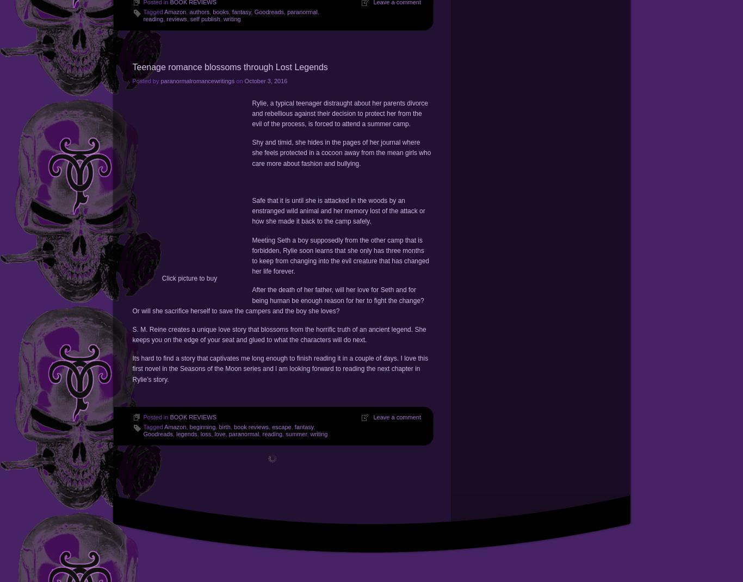 The image size is (743, 582). I want to click on 'October 3, 2016', so click(265, 80).